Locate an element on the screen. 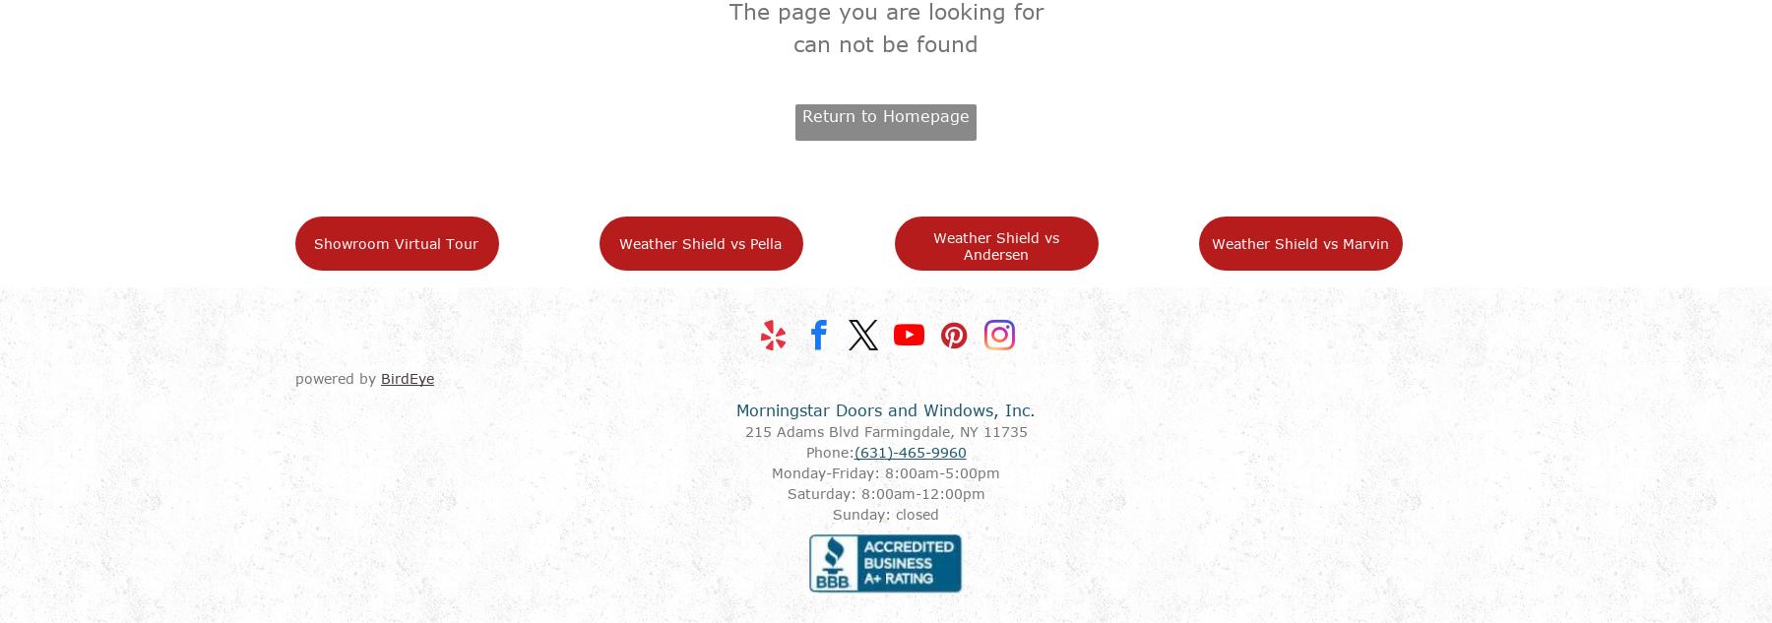 Image resolution: width=1772 pixels, height=623 pixels. 'Velux' is located at coordinates (1022, 547).